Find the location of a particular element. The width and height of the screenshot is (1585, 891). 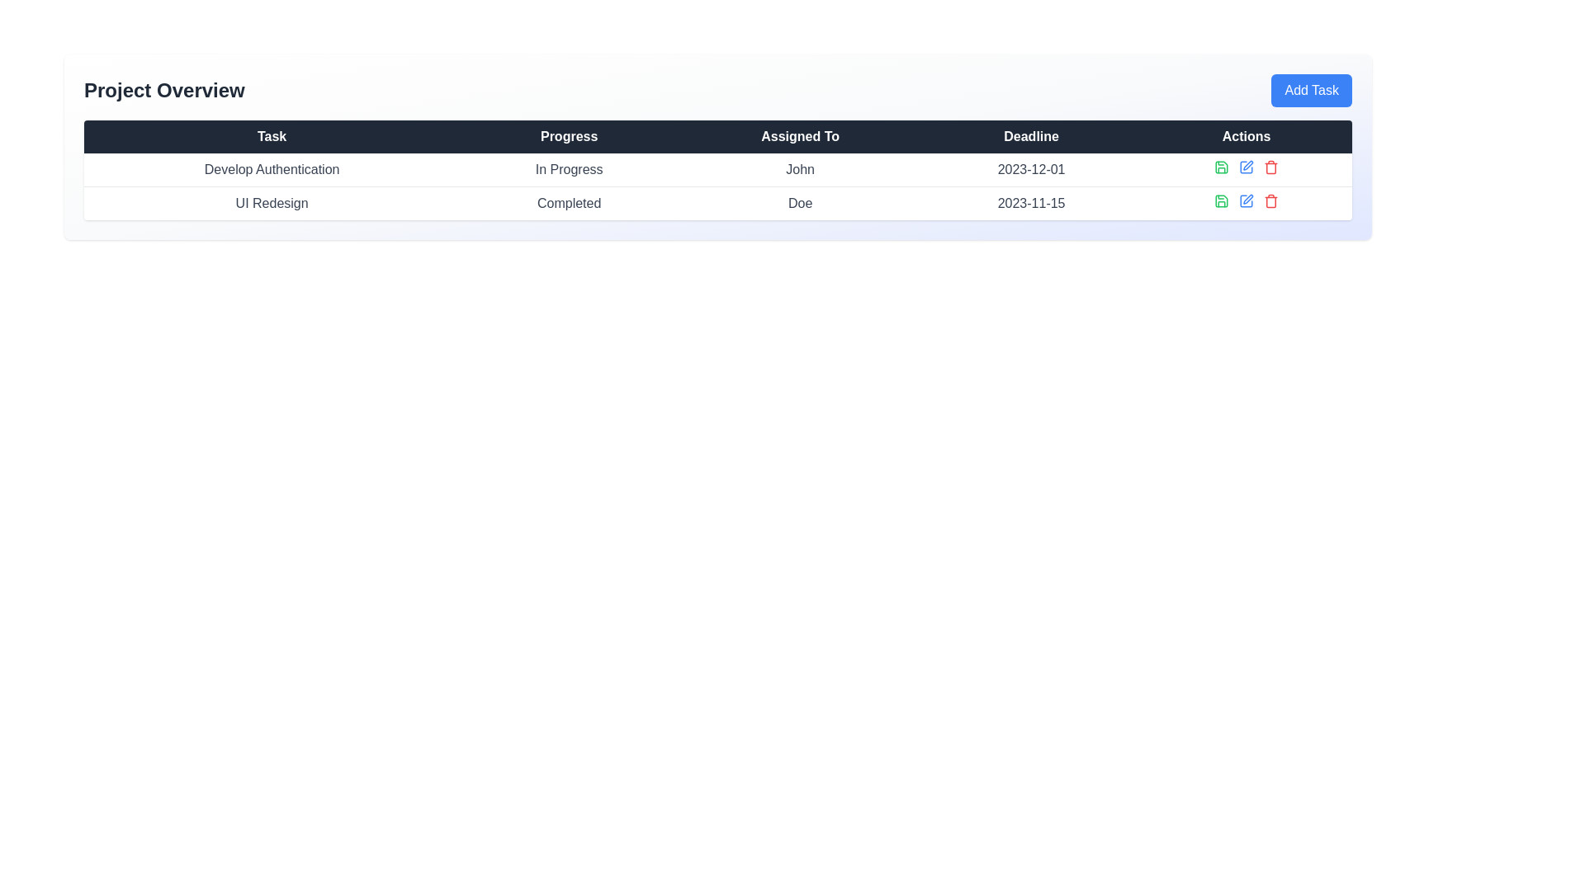

the progress status label located in the second column of the table row under the 'Progress' header is located at coordinates (569, 170).